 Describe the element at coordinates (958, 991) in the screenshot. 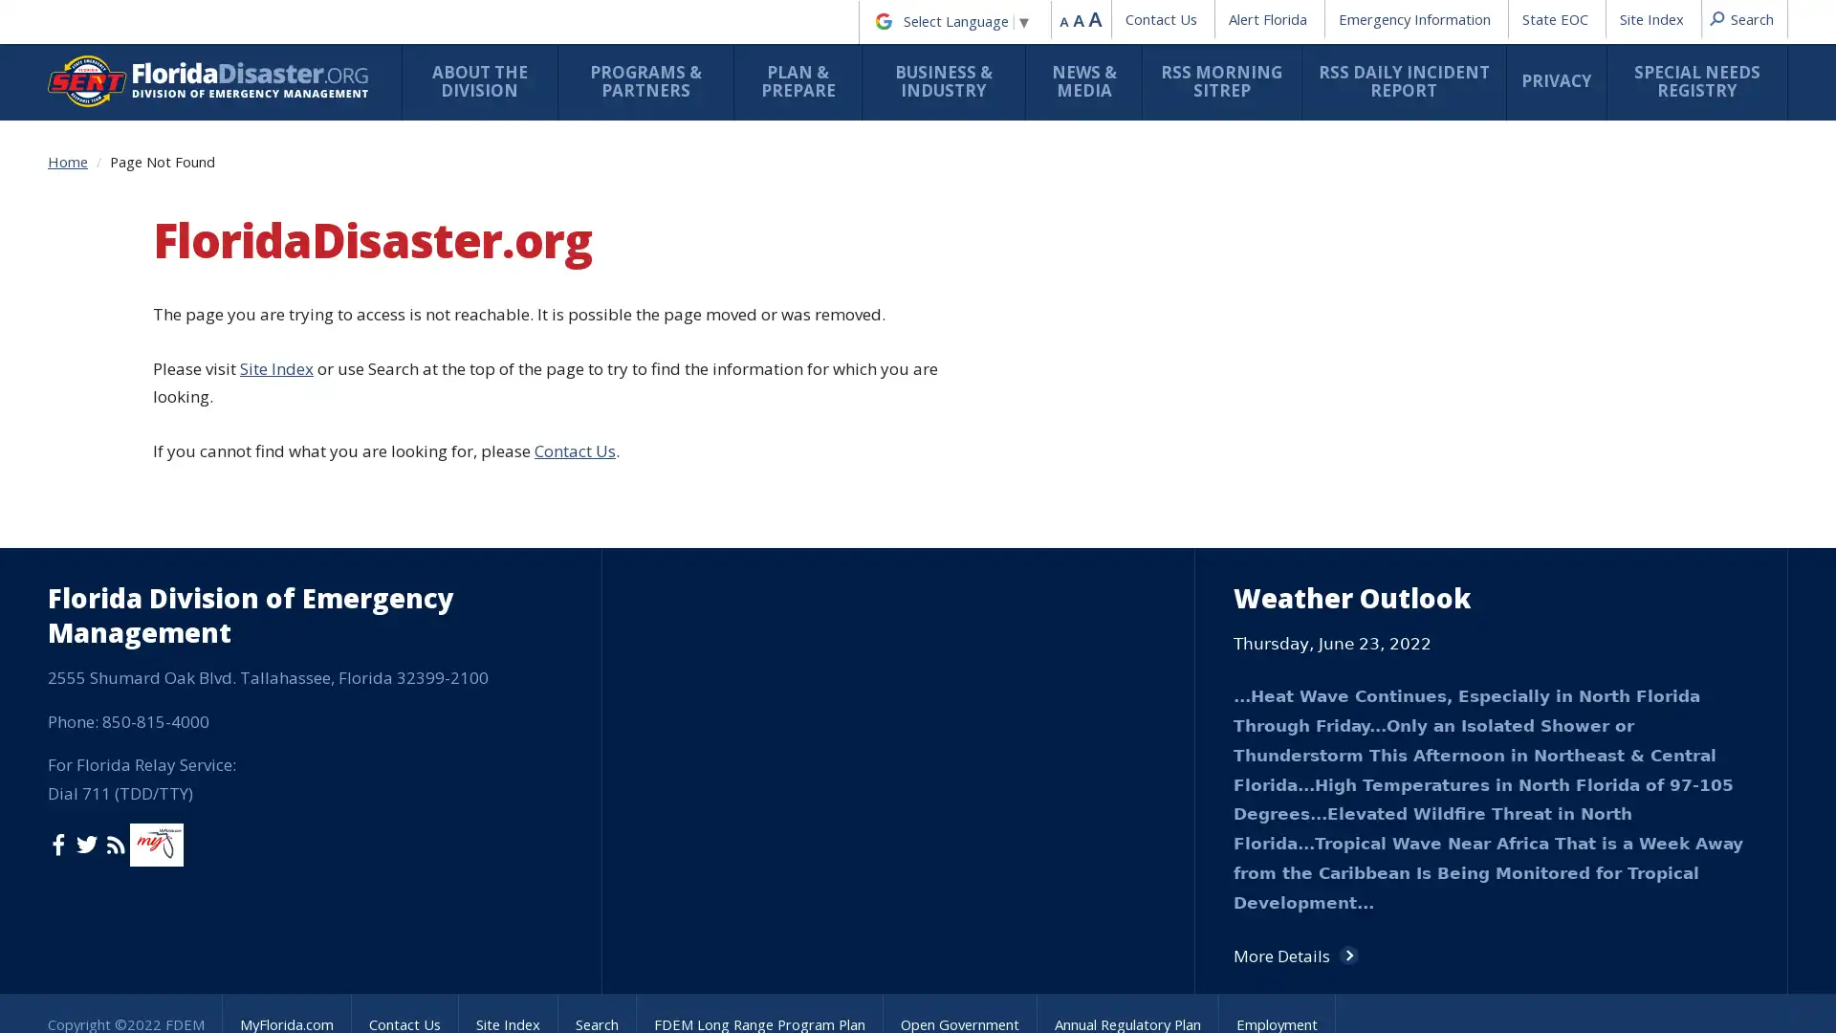

I see `Toggle More` at that location.